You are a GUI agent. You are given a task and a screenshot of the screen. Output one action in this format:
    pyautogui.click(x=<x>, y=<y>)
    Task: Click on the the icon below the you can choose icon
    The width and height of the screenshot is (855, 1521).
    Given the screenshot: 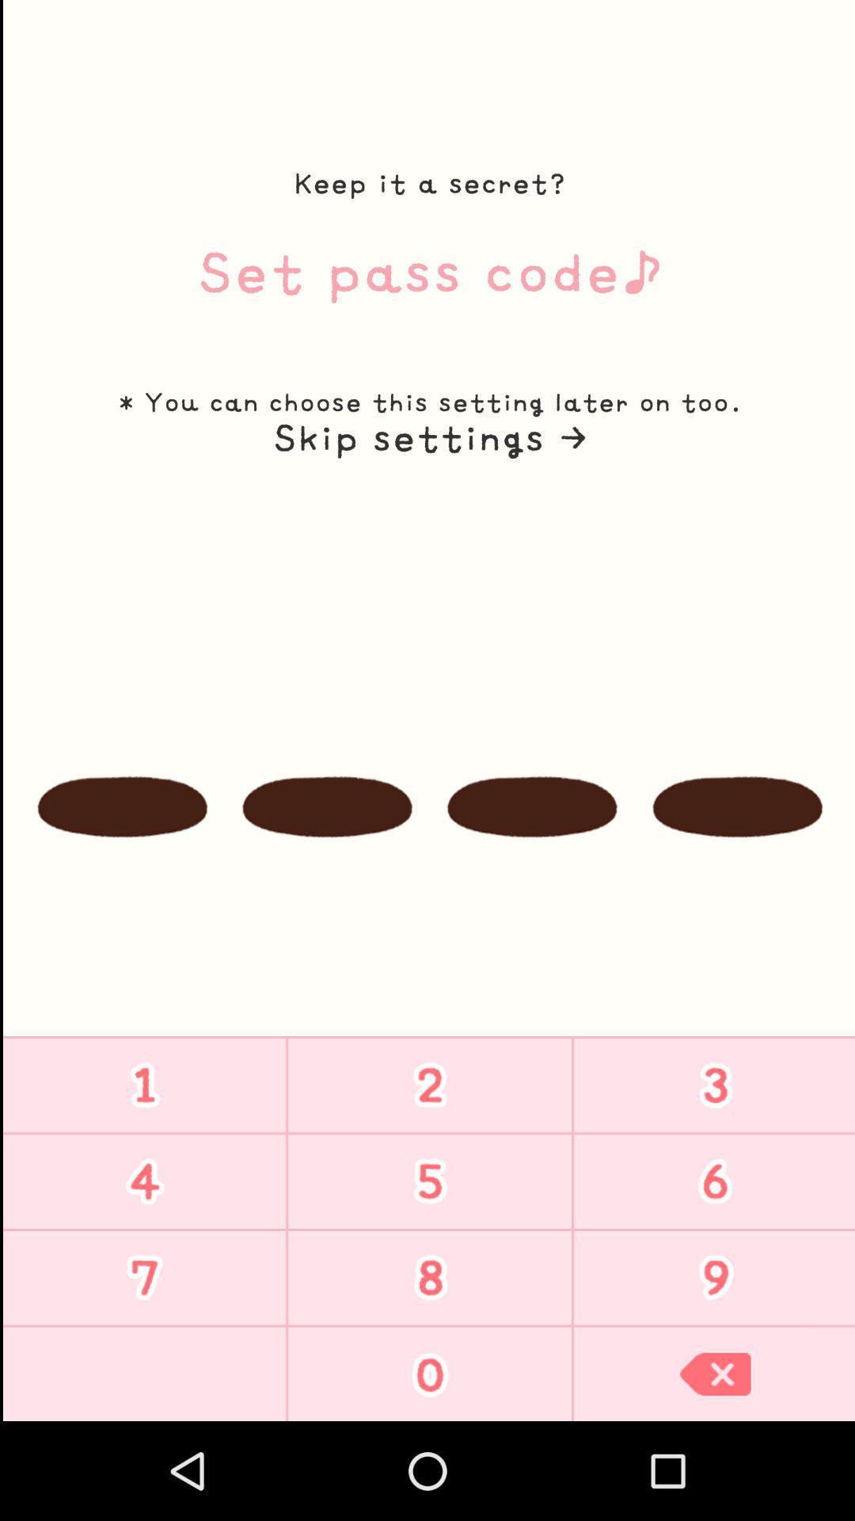 What is the action you would take?
    pyautogui.click(x=426, y=438)
    